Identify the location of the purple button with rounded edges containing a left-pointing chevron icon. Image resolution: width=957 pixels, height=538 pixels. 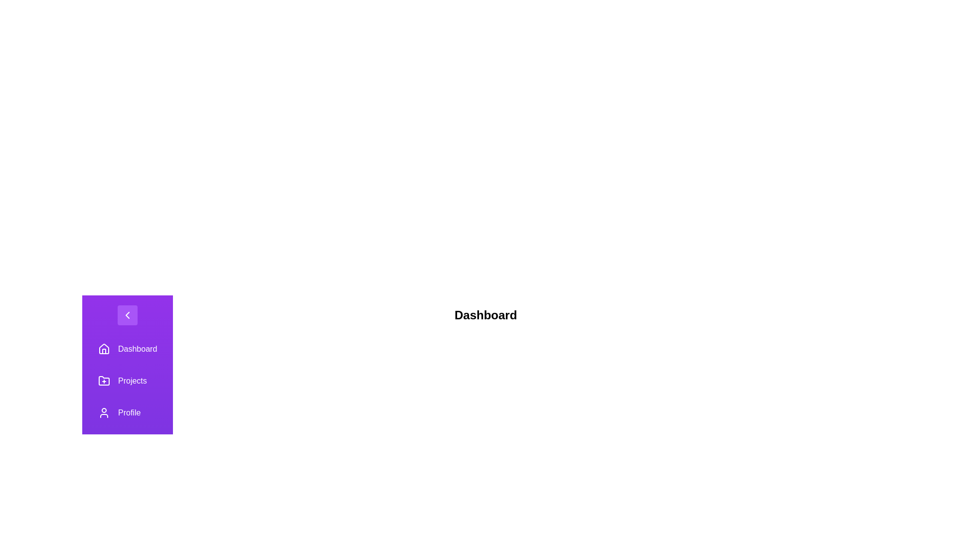
(127, 315).